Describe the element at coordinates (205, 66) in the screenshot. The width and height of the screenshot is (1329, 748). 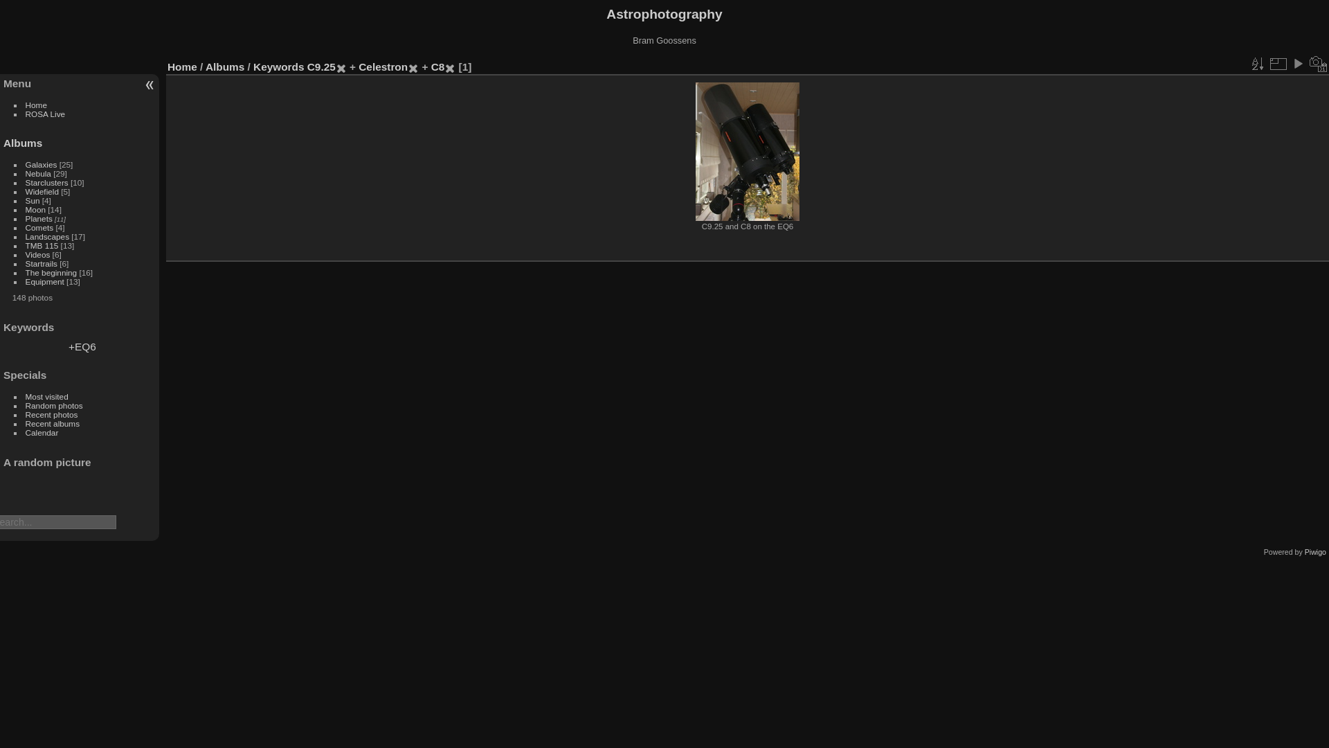
I see `'Albums'` at that location.